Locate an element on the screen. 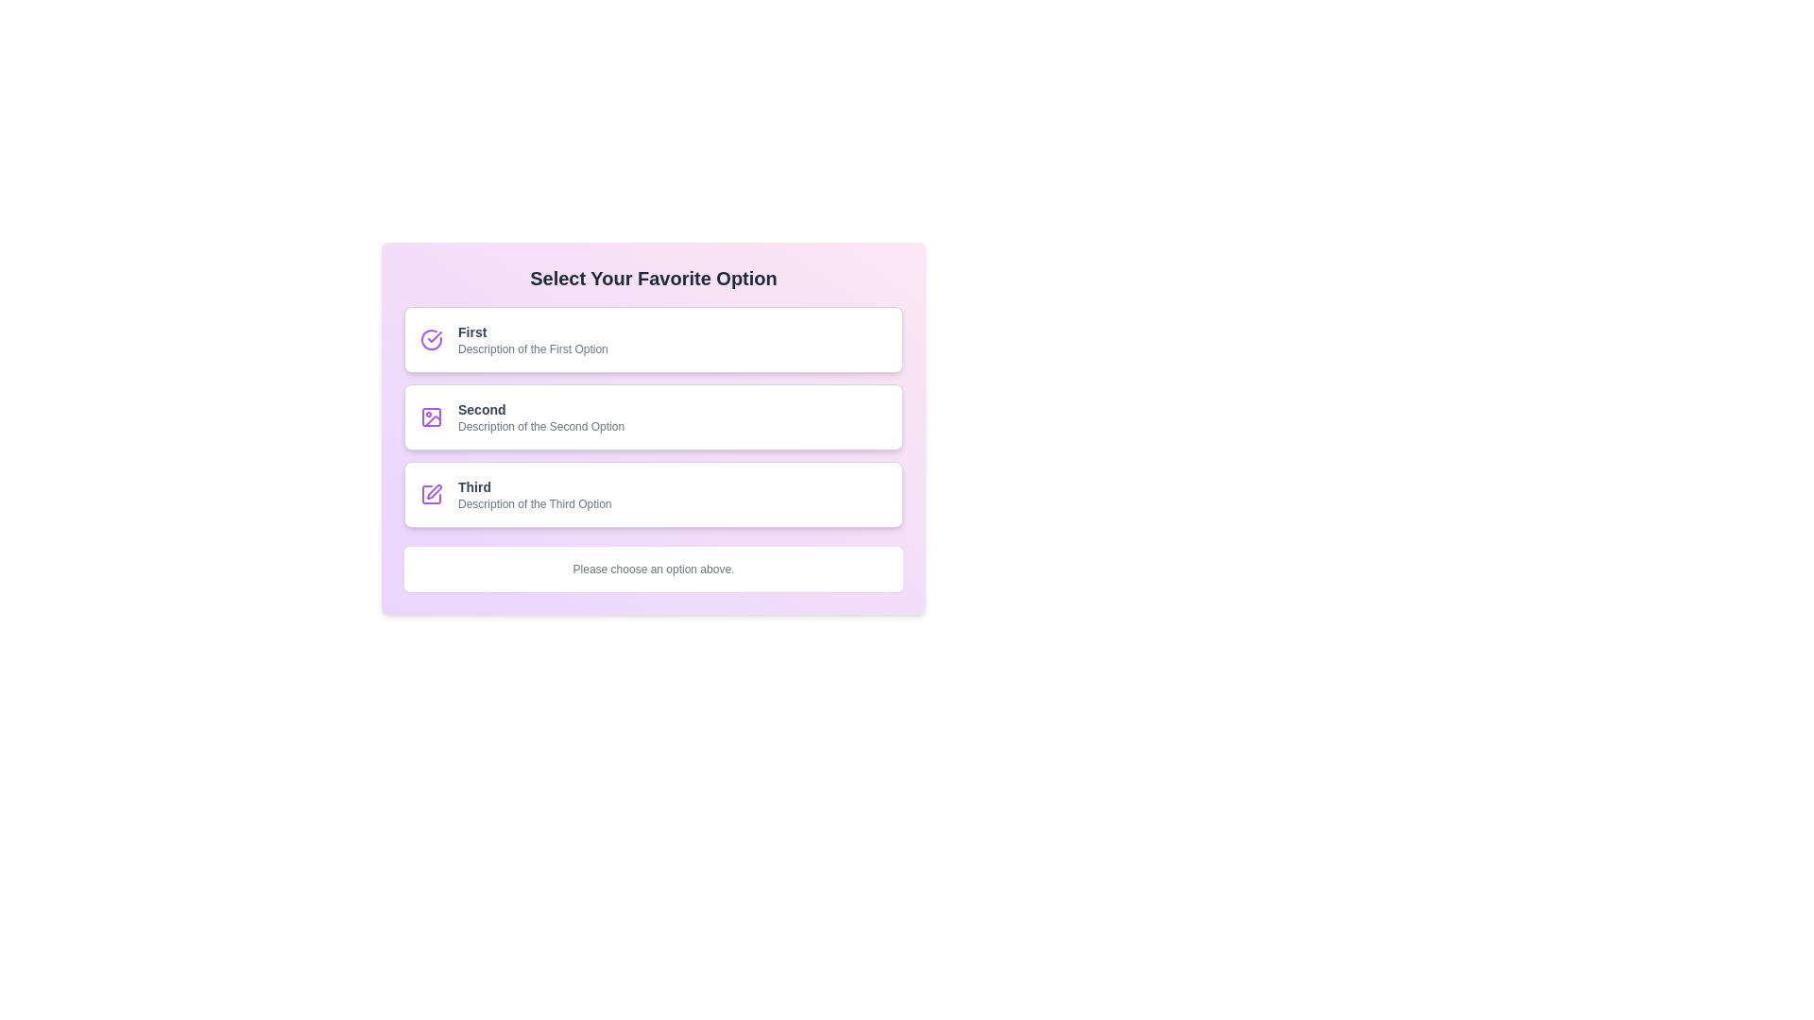  the text label 'Description of the Third Option', which is styled in a small, gray-colored font and located below the bold text 'Third' within the third box of selectable options is located at coordinates (534, 502).